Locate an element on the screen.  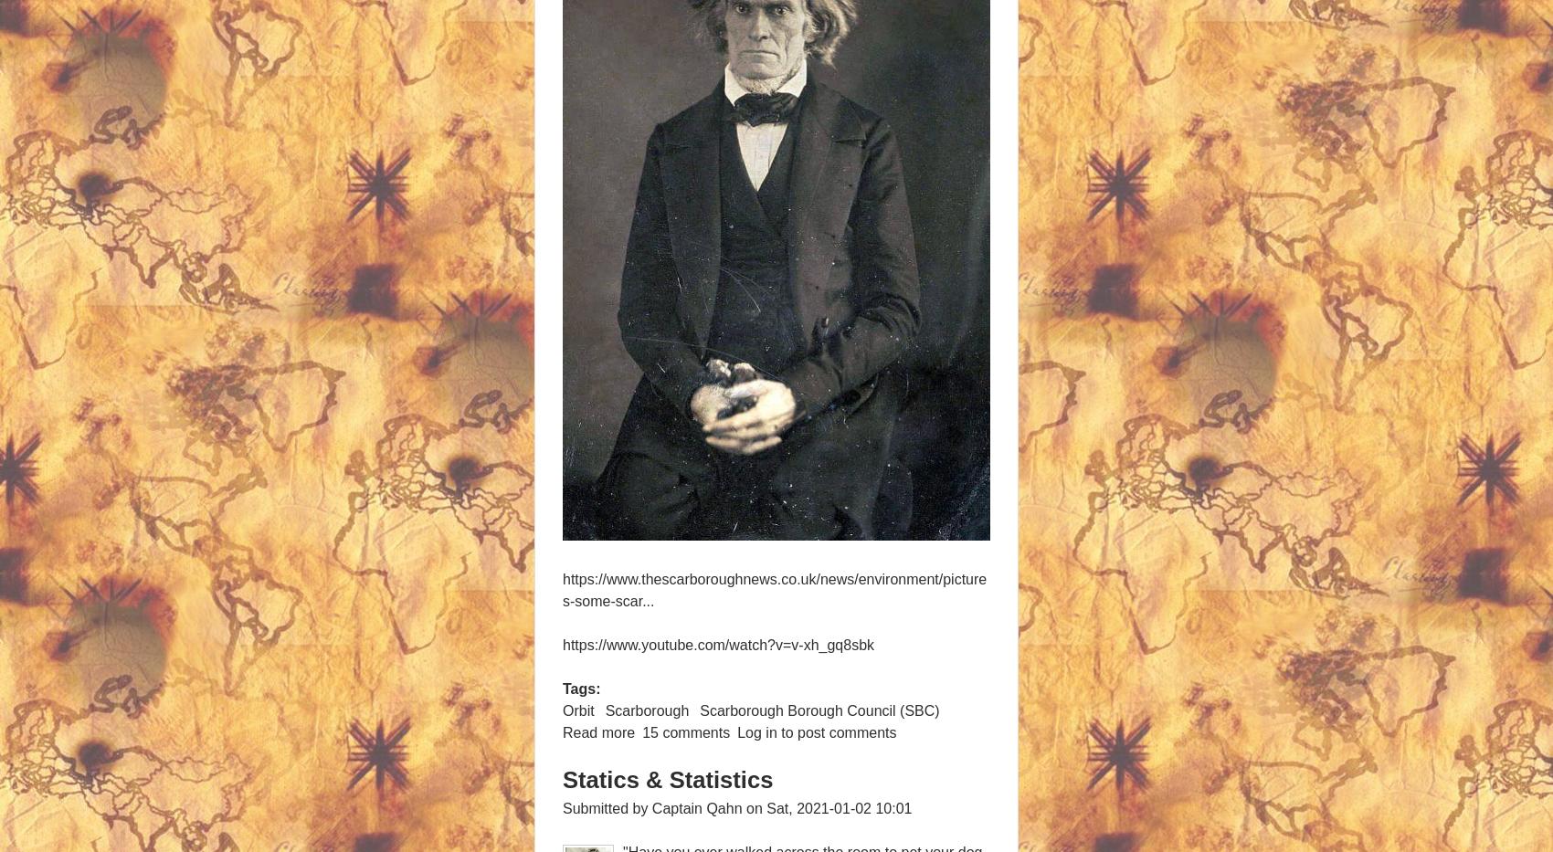
'https://www.youtube.com/watch?v=v-xh_gq8sbk' is located at coordinates (717, 645).